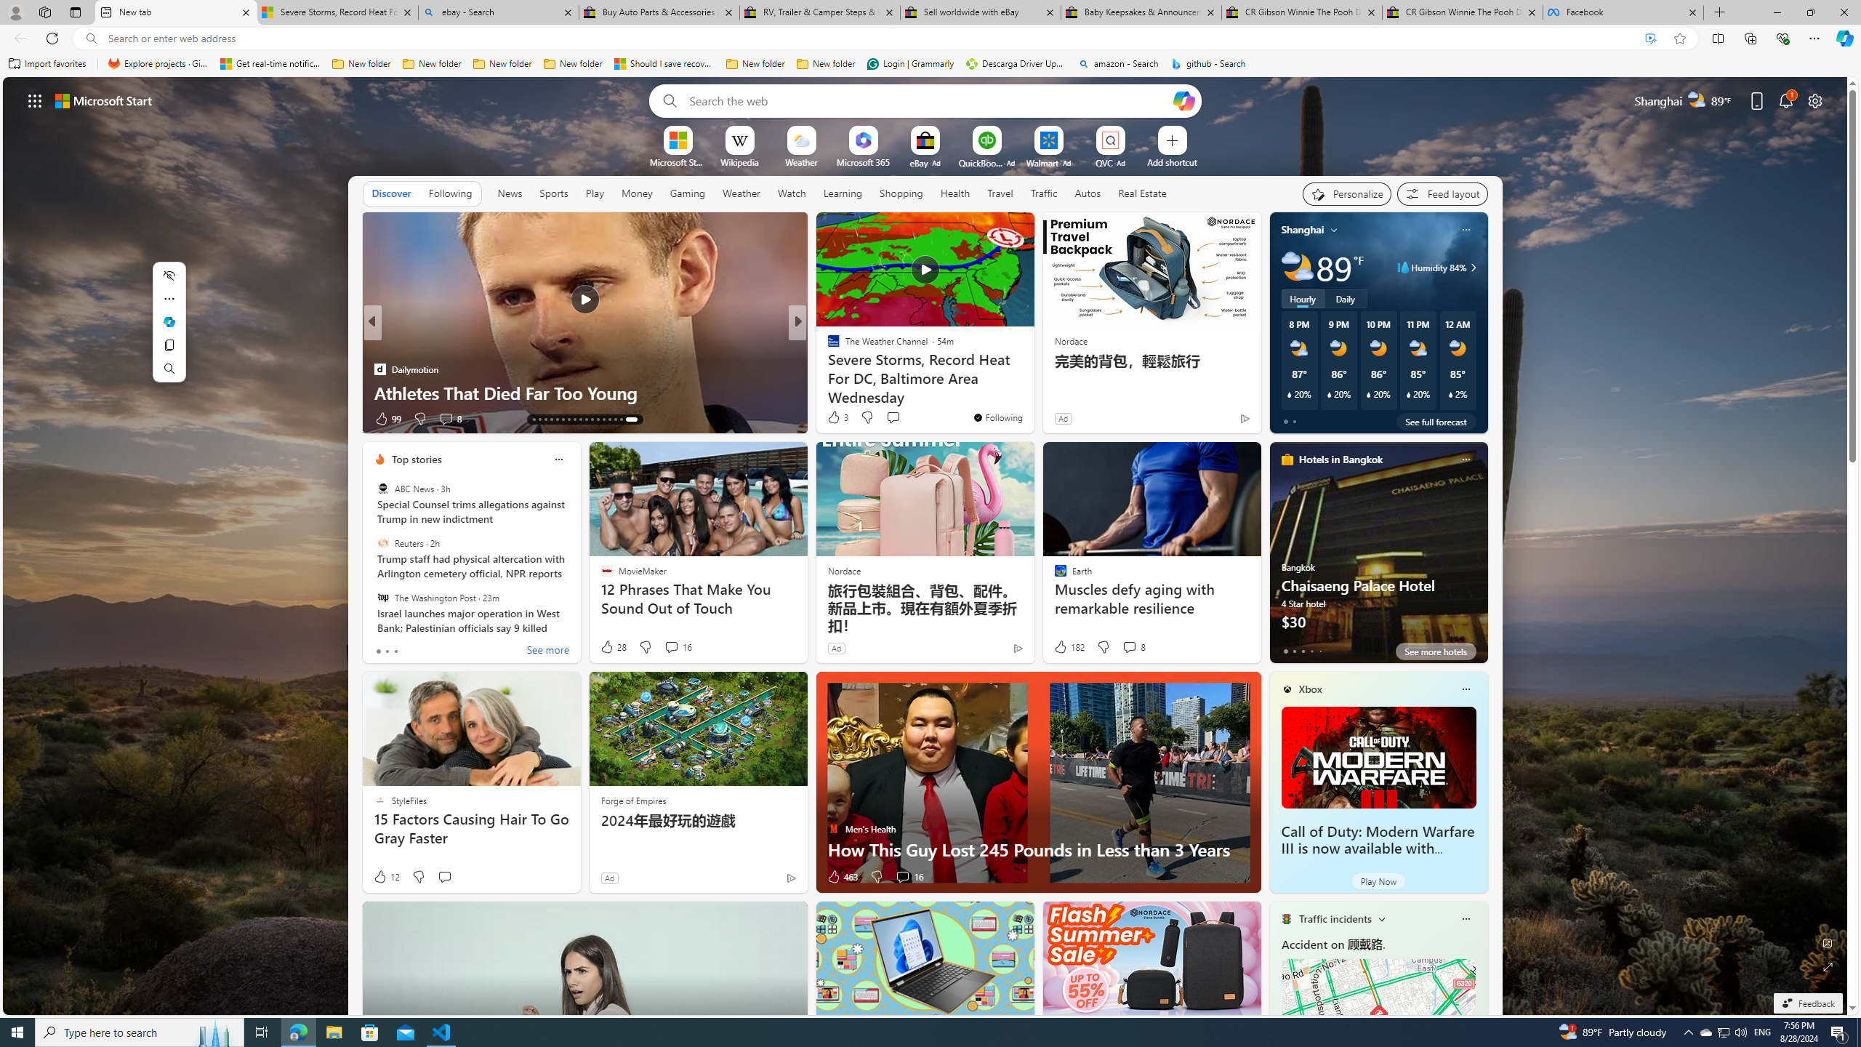 Image resolution: width=1861 pixels, height=1047 pixels. I want to click on 'AutomationID: tab-29', so click(635, 420).